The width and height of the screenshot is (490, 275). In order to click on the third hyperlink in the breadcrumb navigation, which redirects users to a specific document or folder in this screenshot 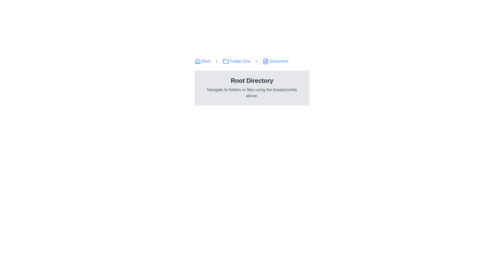, I will do `click(275, 61)`.